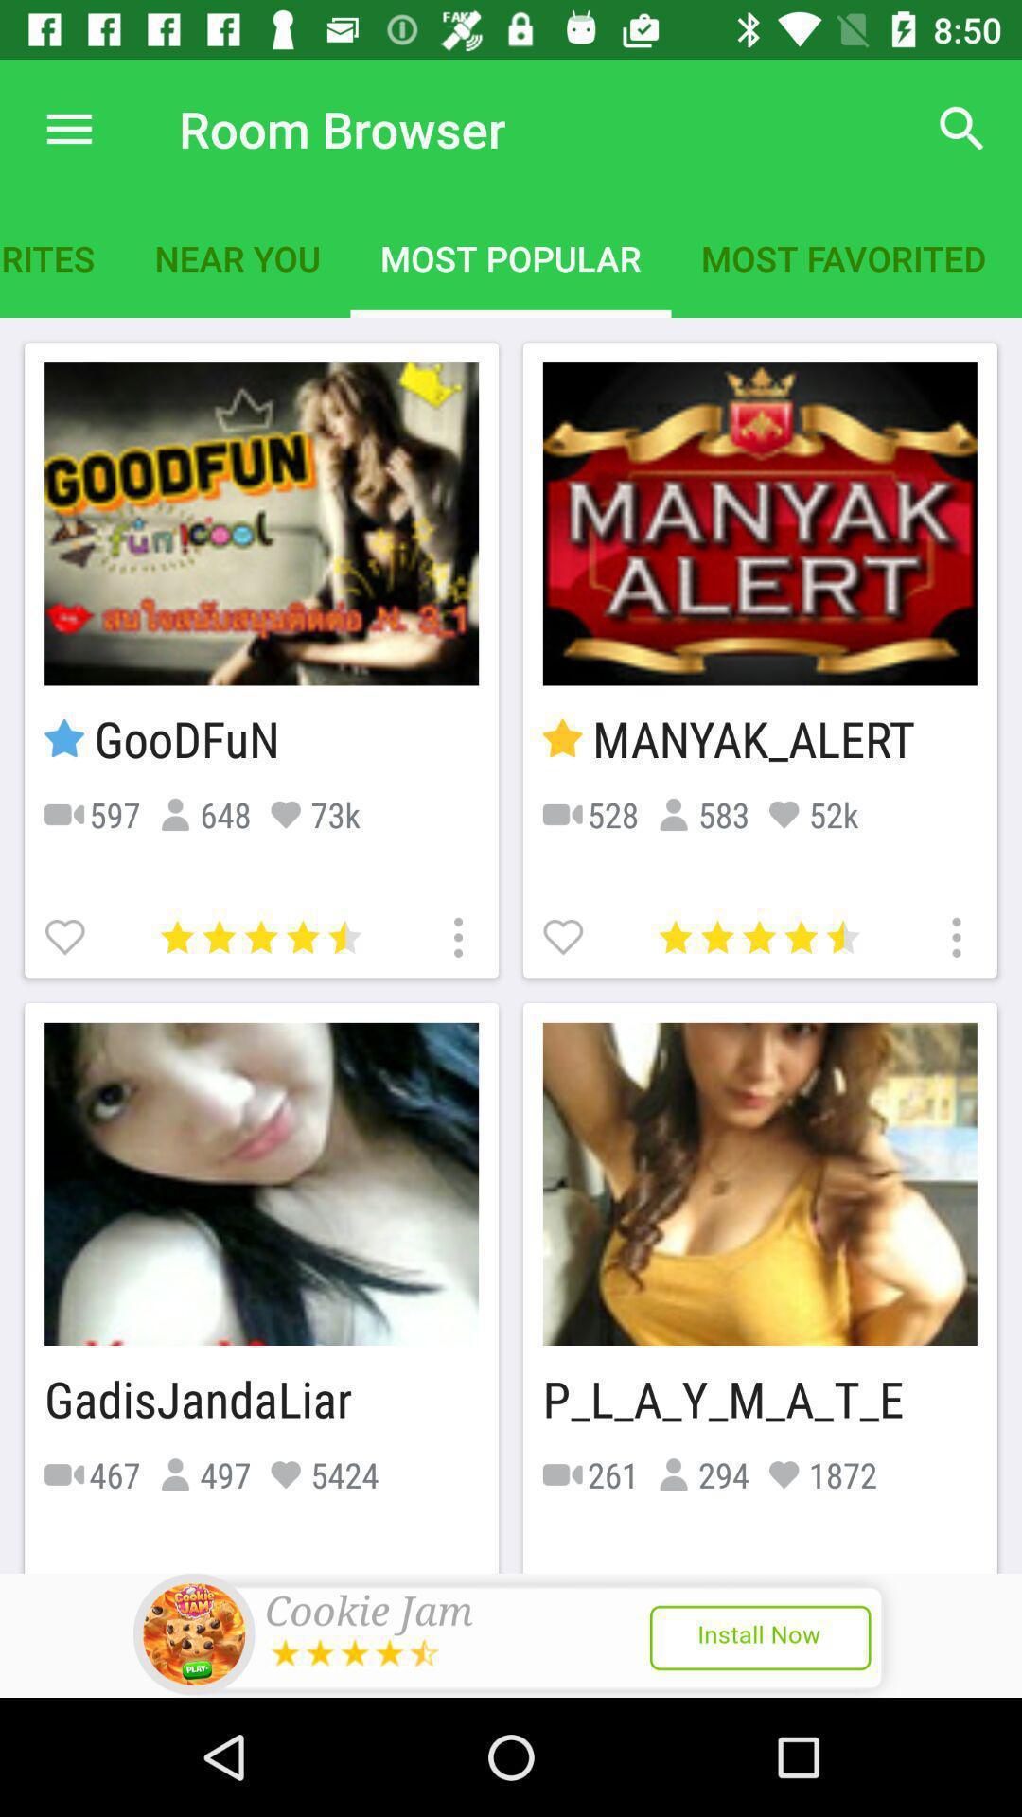  I want to click on as favorite, so click(564, 935).